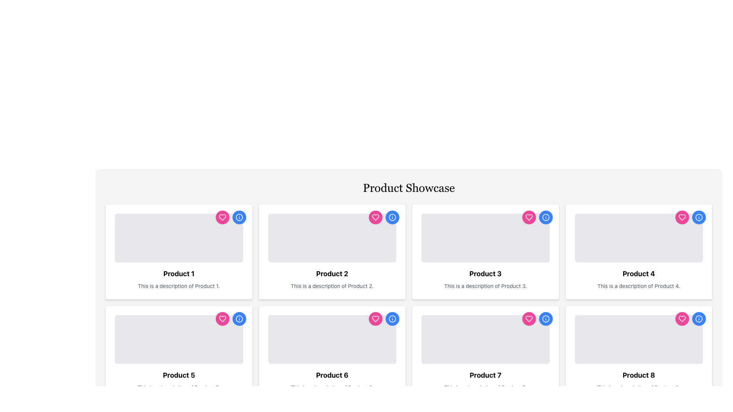 Image resolution: width=733 pixels, height=412 pixels. I want to click on the heart-shaped icon, so click(375, 217).